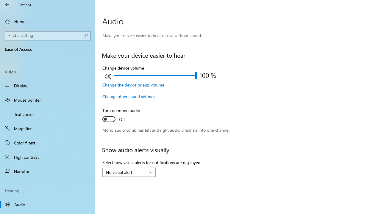  Describe the element at coordinates (48, 128) in the screenshot. I see `'Magnifier'` at that location.